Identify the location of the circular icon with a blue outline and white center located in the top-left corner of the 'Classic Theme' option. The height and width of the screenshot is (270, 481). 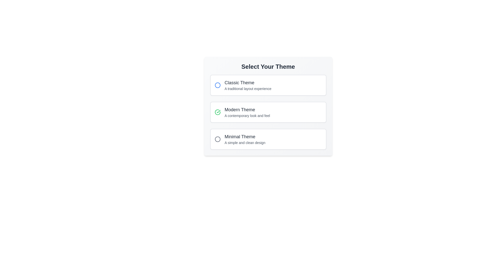
(217, 85).